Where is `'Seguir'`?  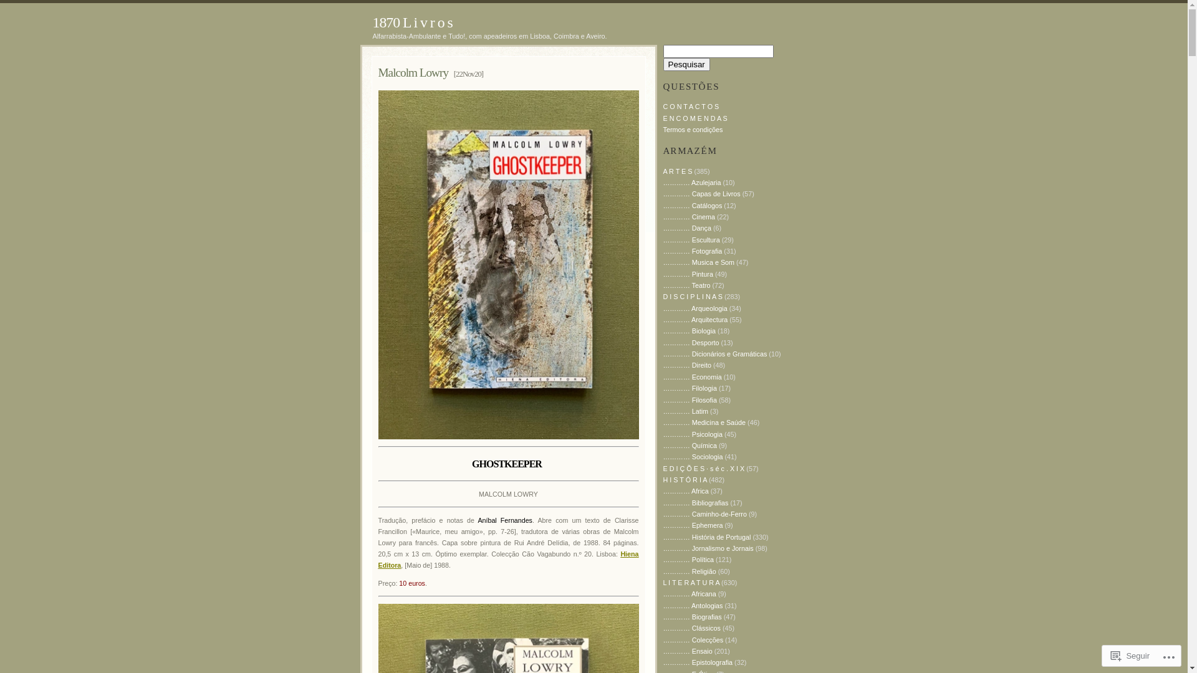 'Seguir' is located at coordinates (1130, 655).